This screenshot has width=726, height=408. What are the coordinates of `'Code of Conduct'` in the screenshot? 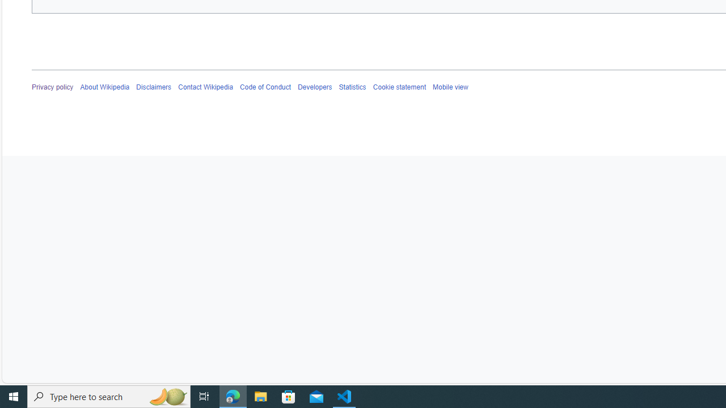 It's located at (264, 87).